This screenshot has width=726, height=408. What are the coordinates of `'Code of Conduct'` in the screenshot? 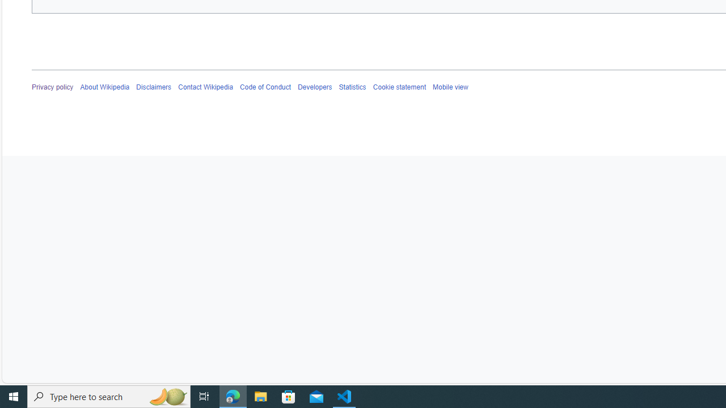 It's located at (264, 87).